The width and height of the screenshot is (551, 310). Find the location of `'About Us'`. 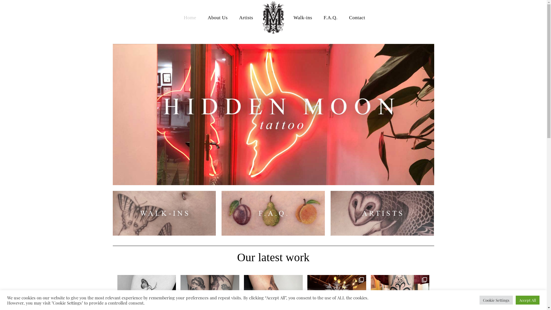

'About Us' is located at coordinates (202, 17).